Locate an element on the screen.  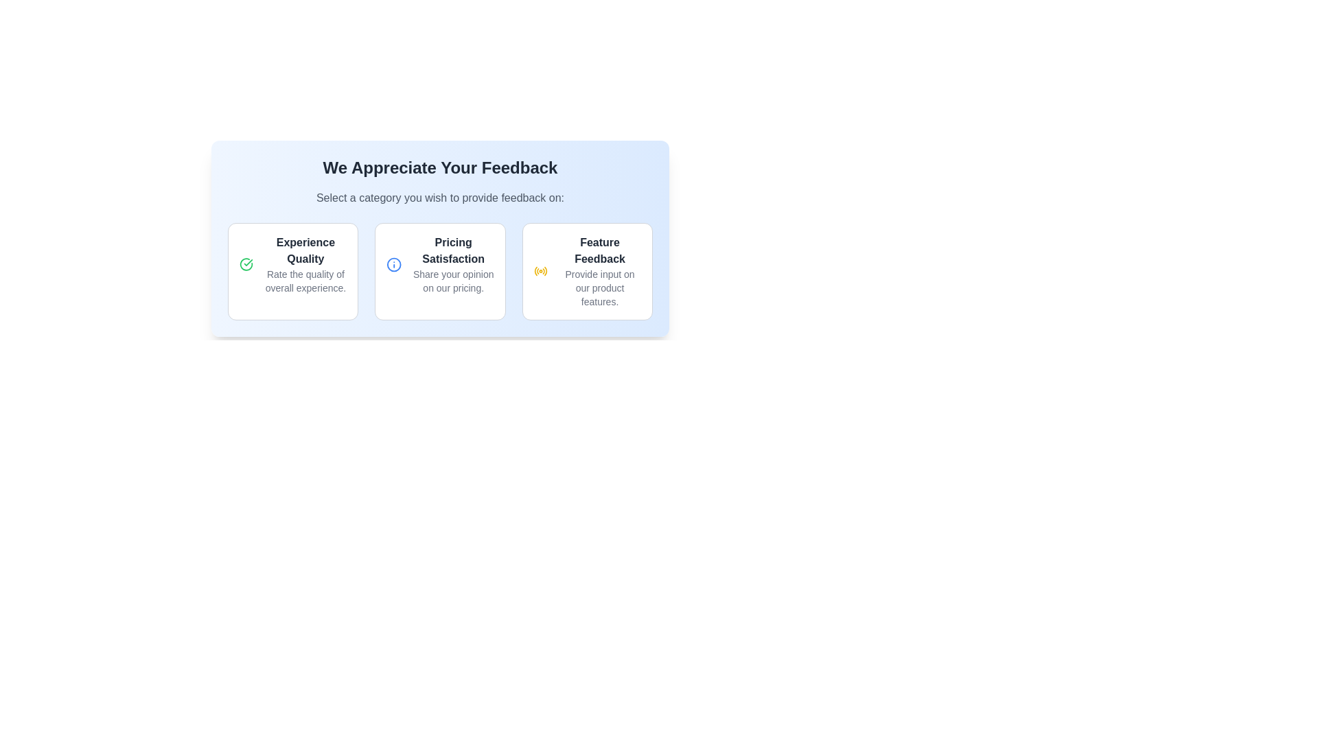
the 'Feature Feedback' icon that serves as a visual representation for the selection or highlight feature, located is located at coordinates (540, 272).